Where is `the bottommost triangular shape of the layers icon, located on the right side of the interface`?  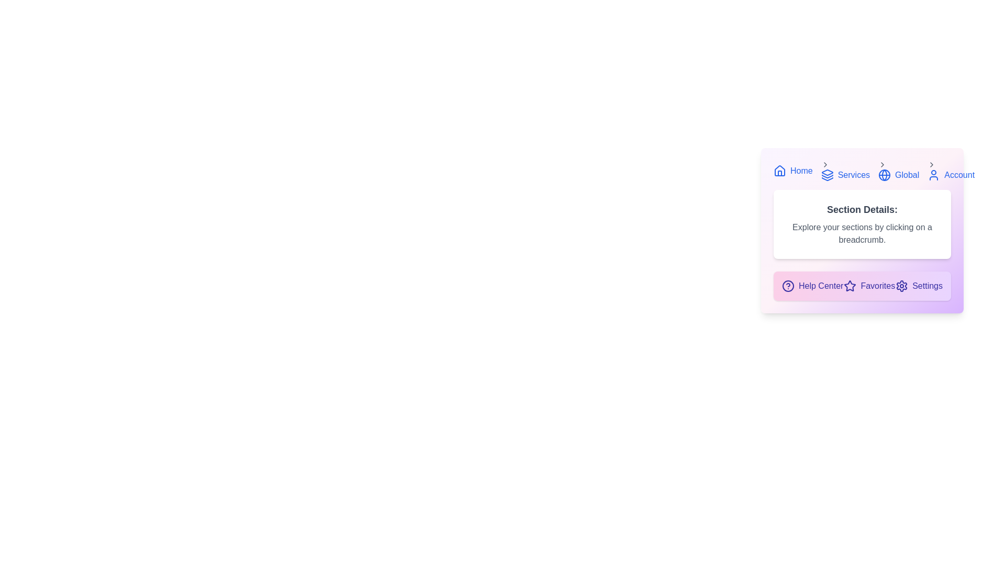 the bottommost triangular shape of the layers icon, located on the right side of the interface is located at coordinates (827, 178).